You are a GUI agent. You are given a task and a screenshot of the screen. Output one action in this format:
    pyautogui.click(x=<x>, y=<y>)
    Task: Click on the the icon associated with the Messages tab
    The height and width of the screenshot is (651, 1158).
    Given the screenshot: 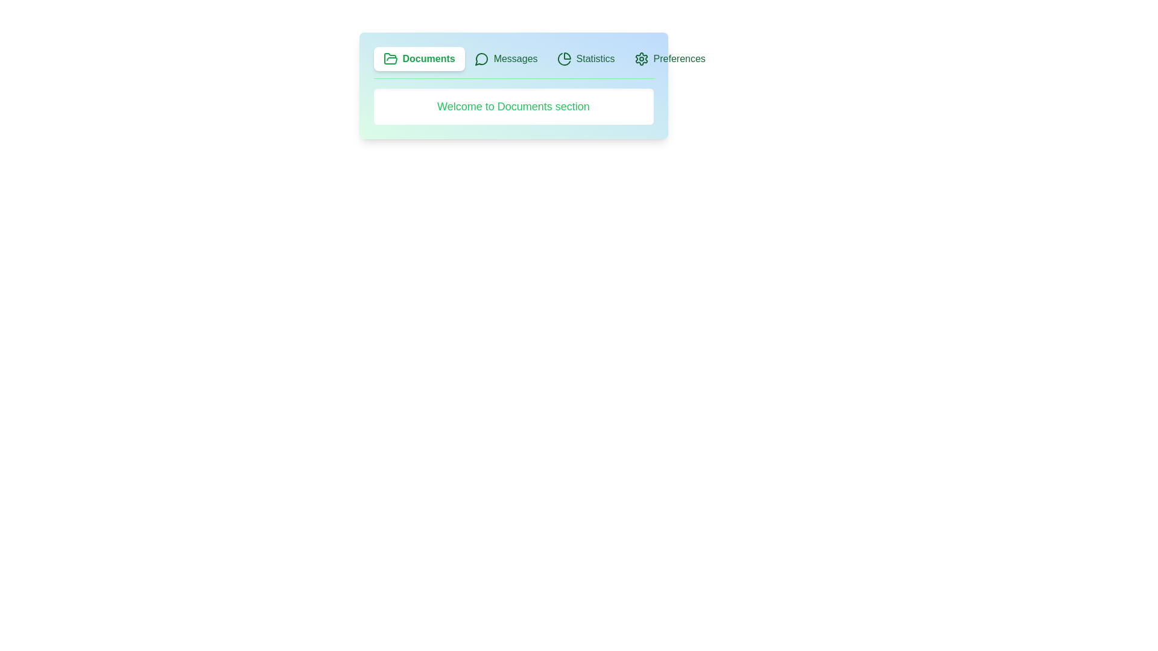 What is the action you would take?
    pyautogui.click(x=481, y=58)
    